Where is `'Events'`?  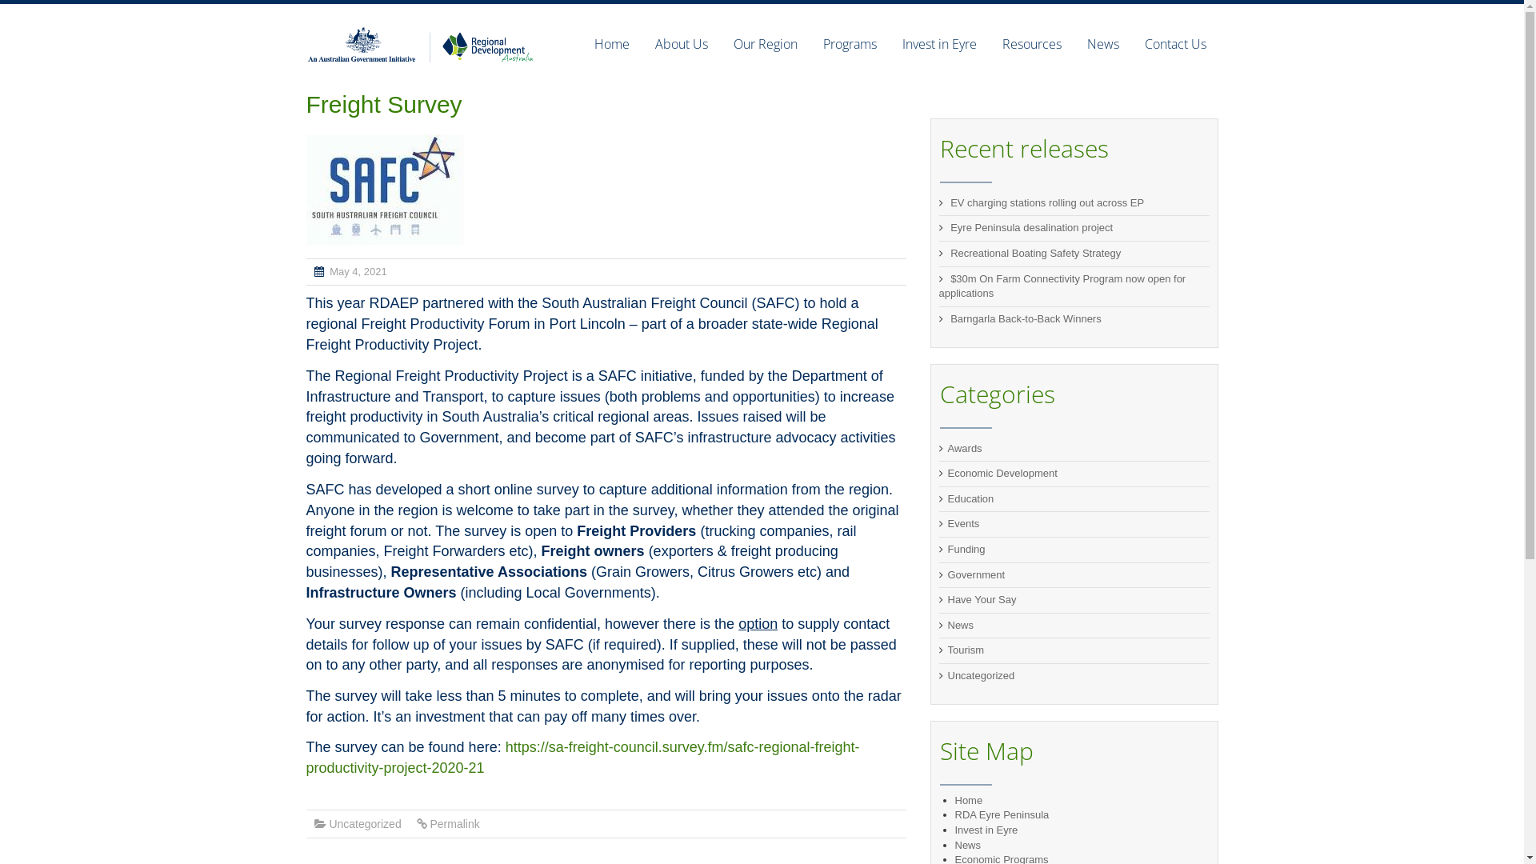
'Events' is located at coordinates (962, 523).